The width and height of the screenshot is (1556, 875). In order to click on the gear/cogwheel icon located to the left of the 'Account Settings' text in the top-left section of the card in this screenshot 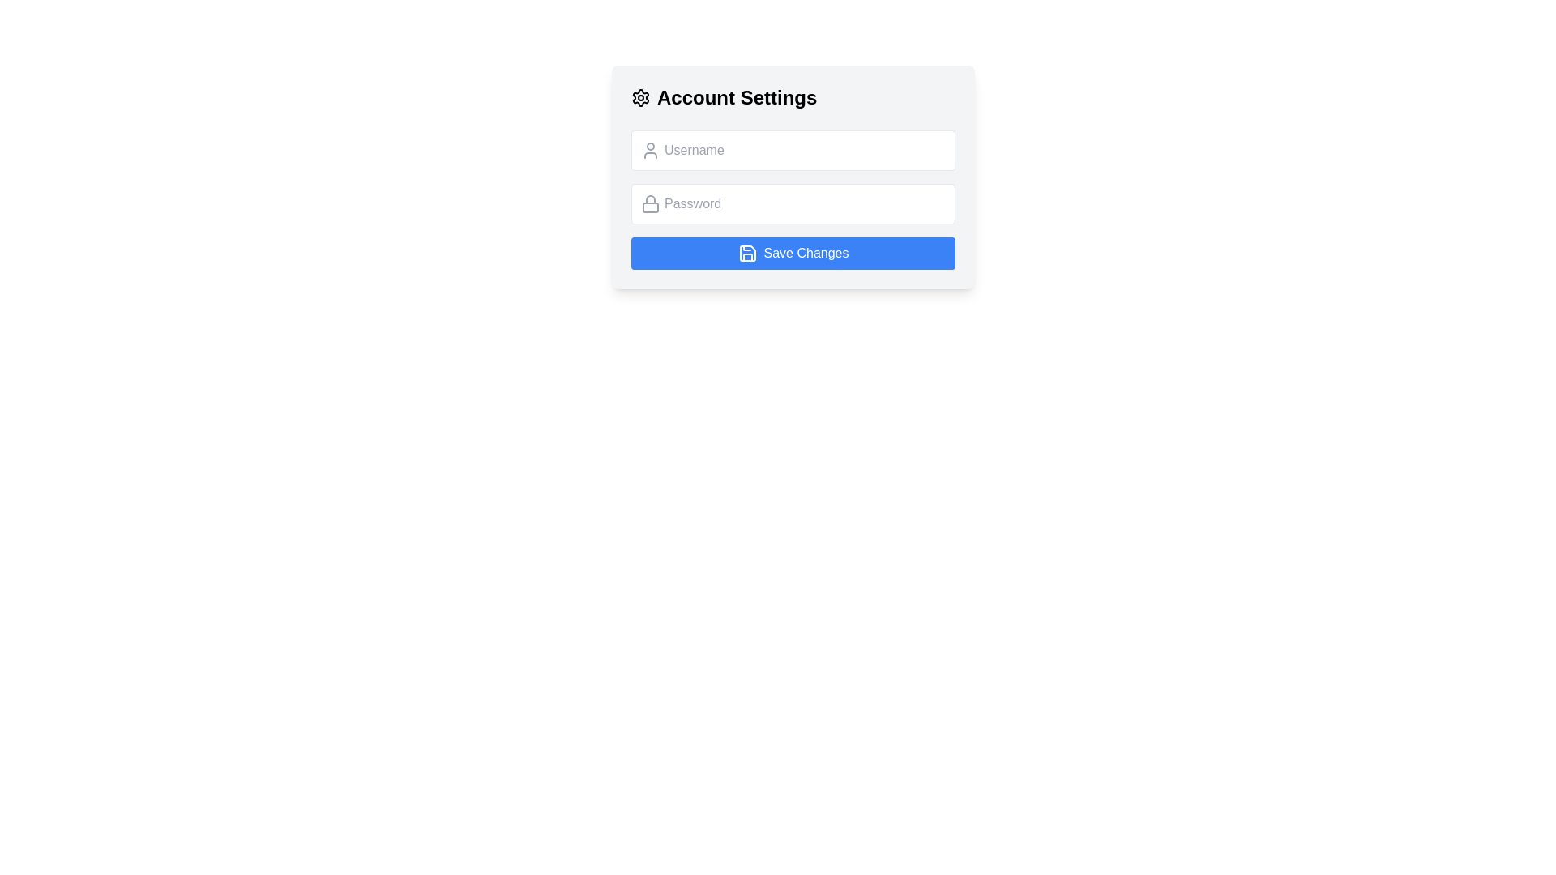, I will do `click(640, 97)`.